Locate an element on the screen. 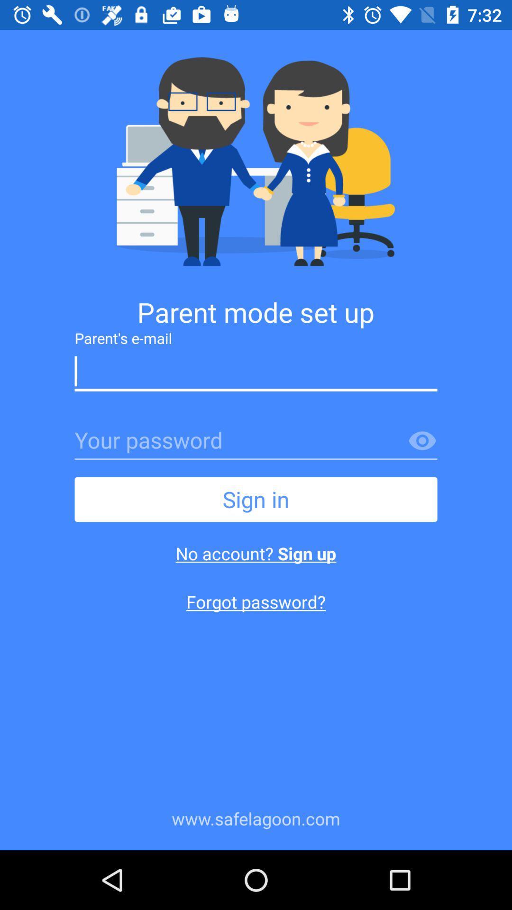 This screenshot has width=512, height=910. password view is located at coordinates (422, 441).